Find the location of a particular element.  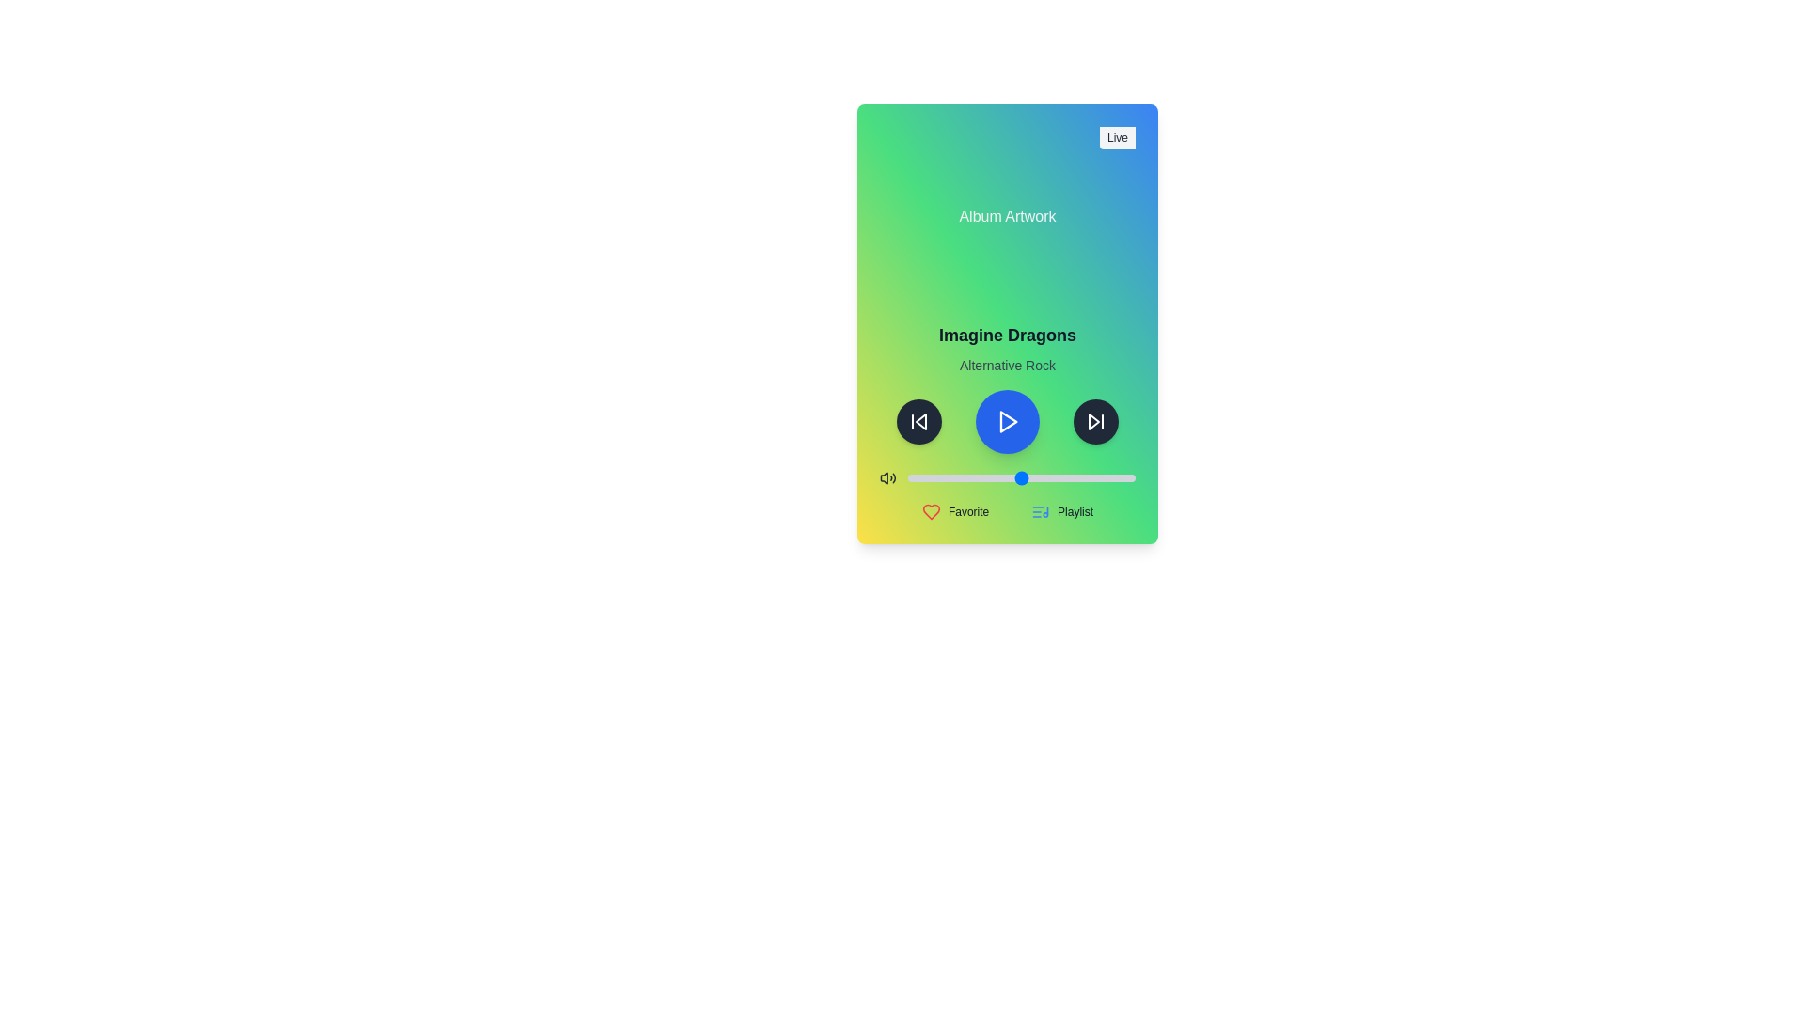

the heart-shaped icon button, which is outlined in red and located to the left of the 'Favorite' label beneath the audio player controls is located at coordinates (931, 511).